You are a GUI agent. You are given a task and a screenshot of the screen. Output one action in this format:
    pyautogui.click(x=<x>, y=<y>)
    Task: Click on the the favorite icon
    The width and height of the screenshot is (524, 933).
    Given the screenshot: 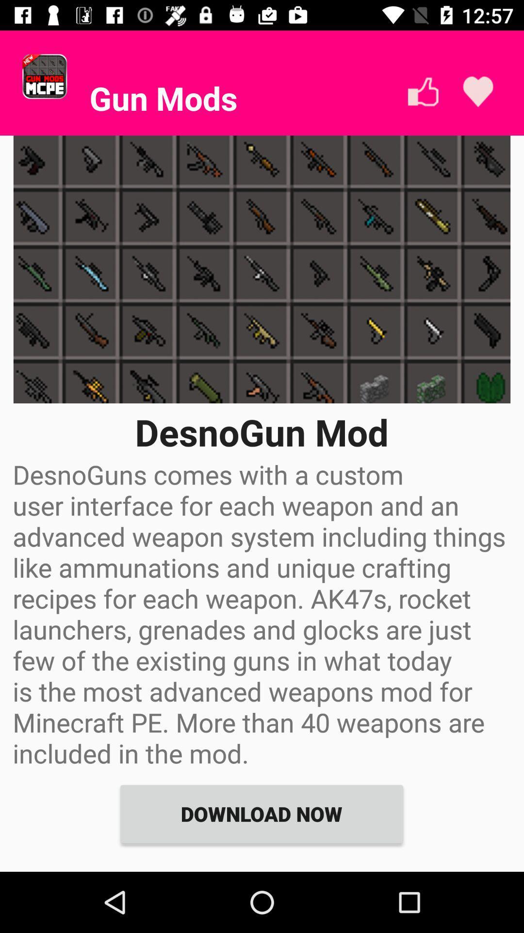 What is the action you would take?
    pyautogui.click(x=477, y=91)
    